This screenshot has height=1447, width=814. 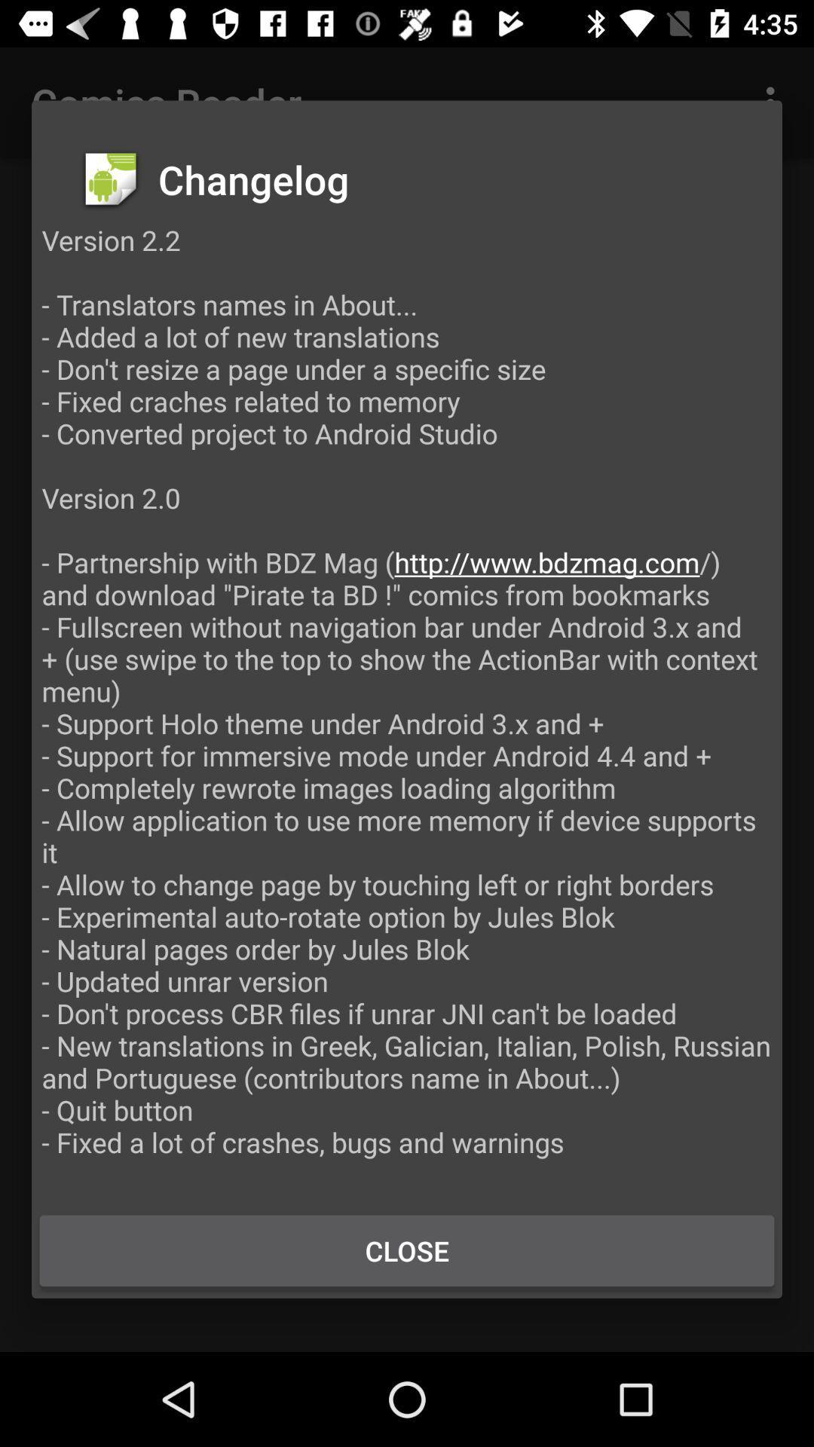 What do you see at coordinates (407, 706) in the screenshot?
I see `the version 2 2 at the center` at bounding box center [407, 706].